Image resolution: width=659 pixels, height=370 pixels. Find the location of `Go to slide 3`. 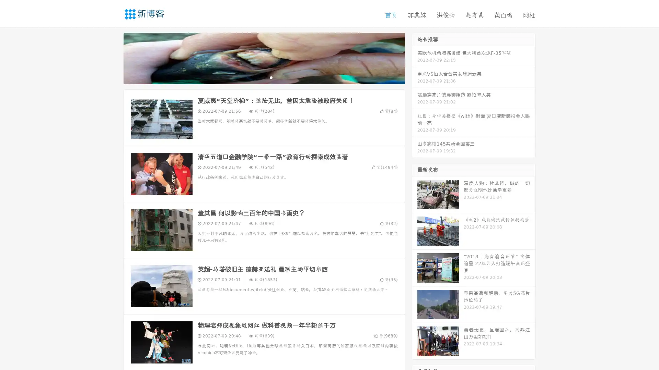

Go to slide 3 is located at coordinates (271, 77).